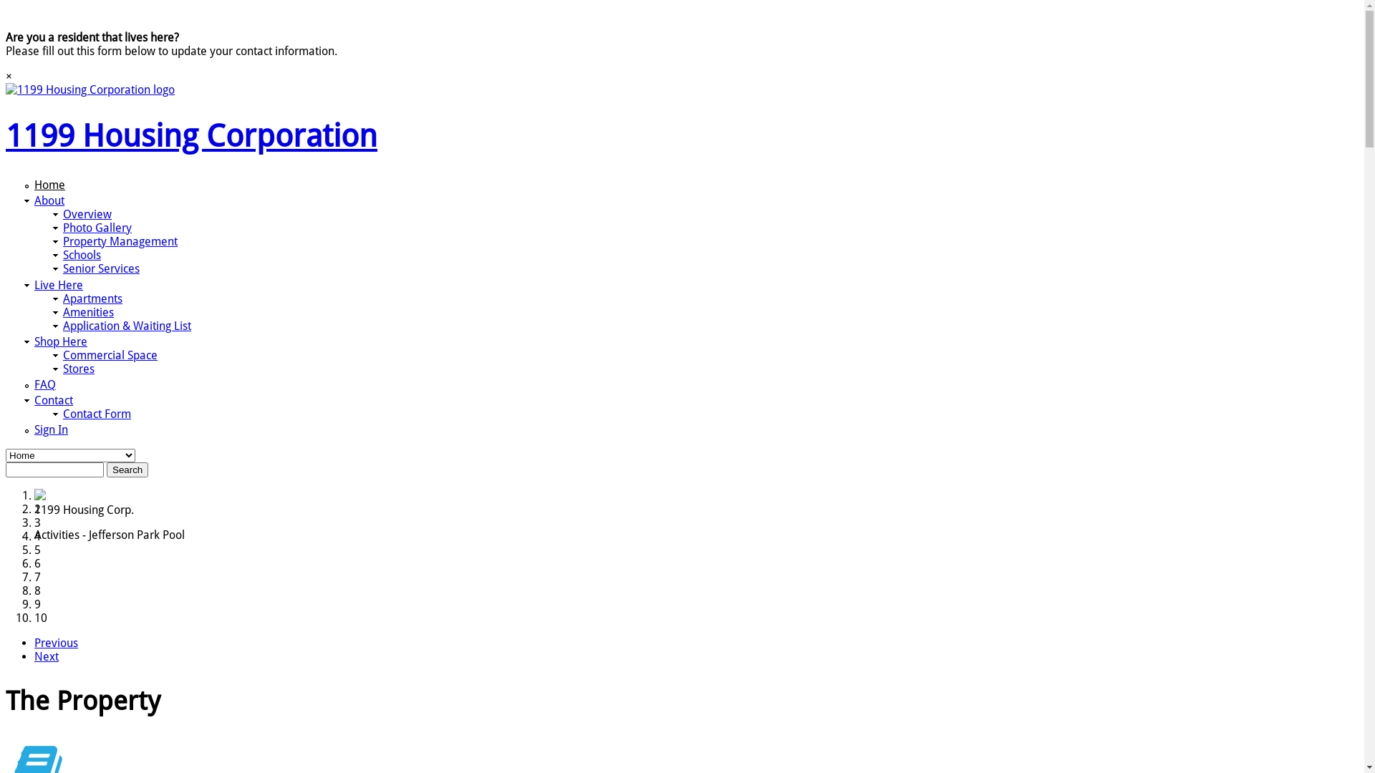 The height and width of the screenshot is (773, 1375). I want to click on '5', so click(34, 549).